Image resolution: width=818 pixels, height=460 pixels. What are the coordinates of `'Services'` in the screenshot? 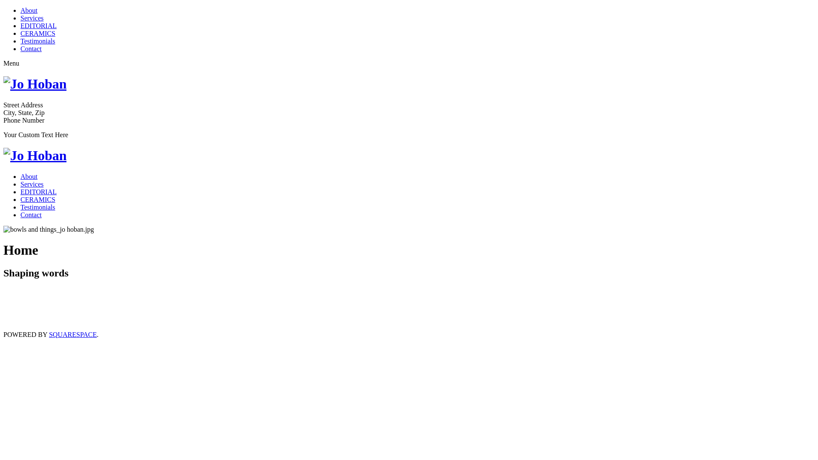 It's located at (32, 18).